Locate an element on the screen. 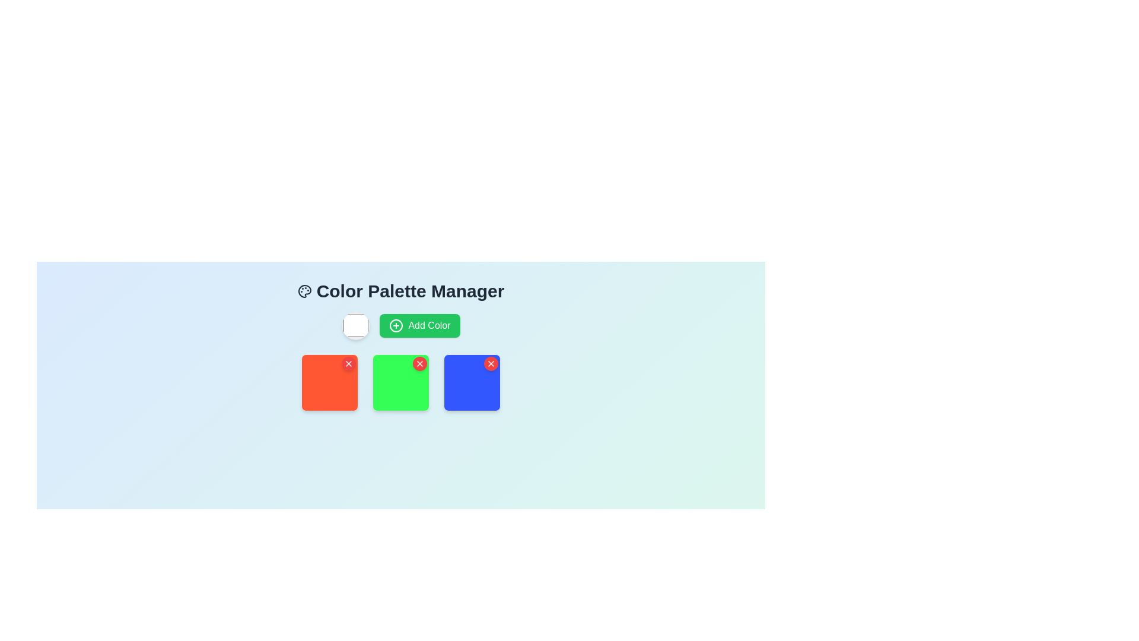 The width and height of the screenshot is (1139, 641). the 'Add Color' icon located within the rounded green button labeled 'Add Color' is located at coordinates (396, 325).